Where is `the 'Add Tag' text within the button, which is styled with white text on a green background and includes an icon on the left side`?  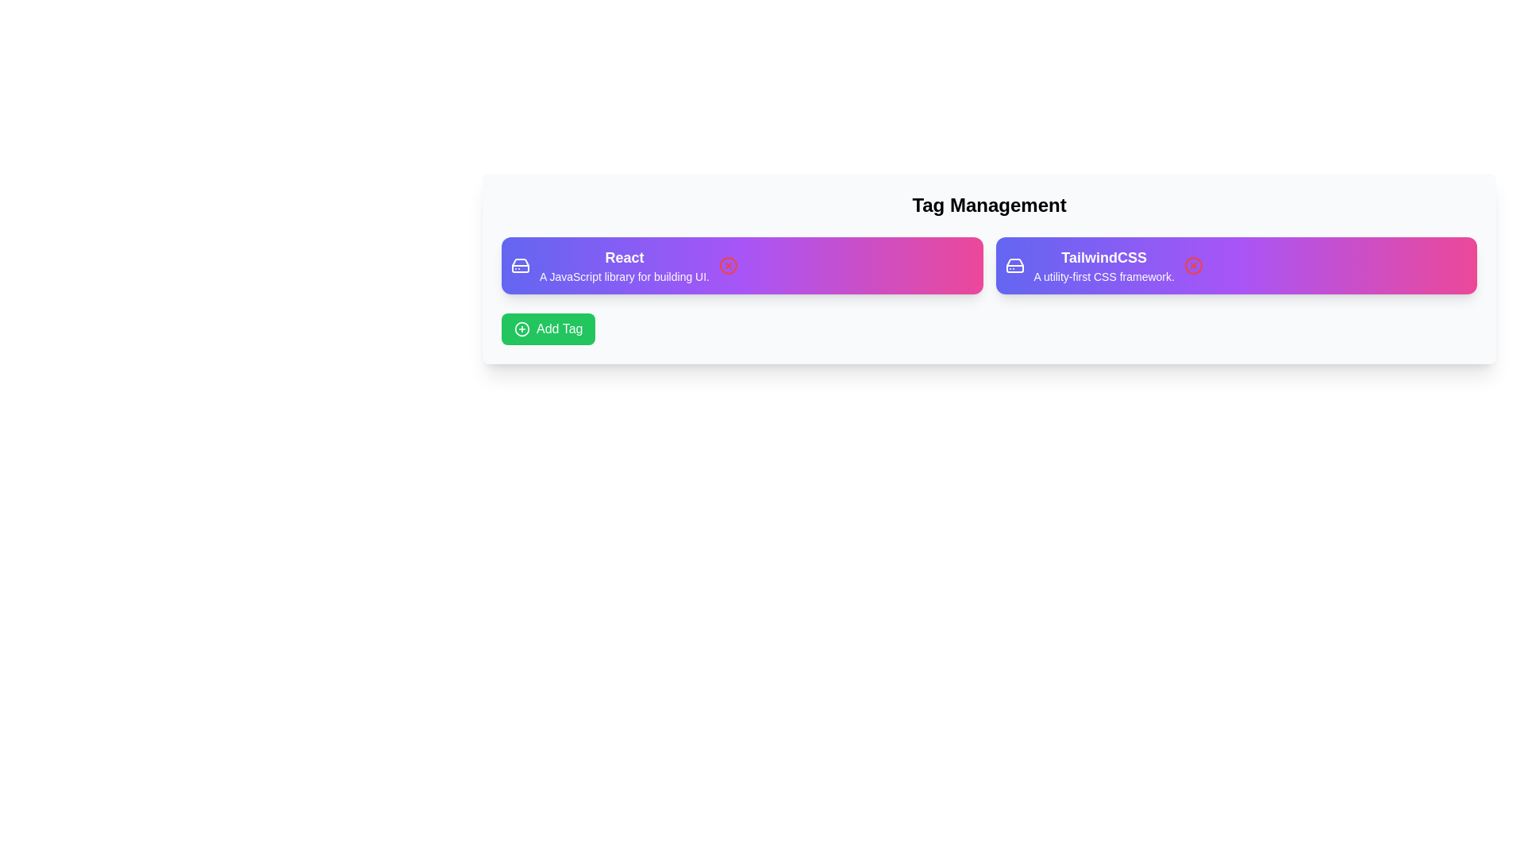
the 'Add Tag' text within the button, which is styled with white text on a green background and includes an icon on the left side is located at coordinates (560, 329).